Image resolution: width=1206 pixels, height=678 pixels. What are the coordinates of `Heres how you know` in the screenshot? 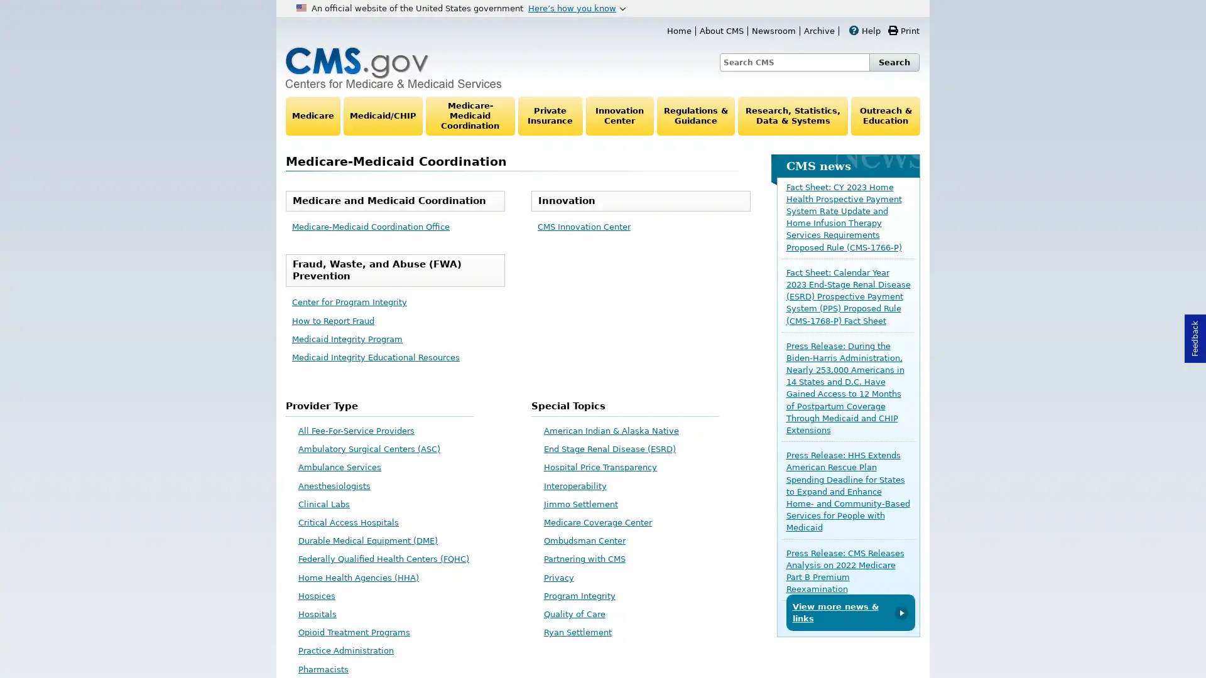 It's located at (576, 8).